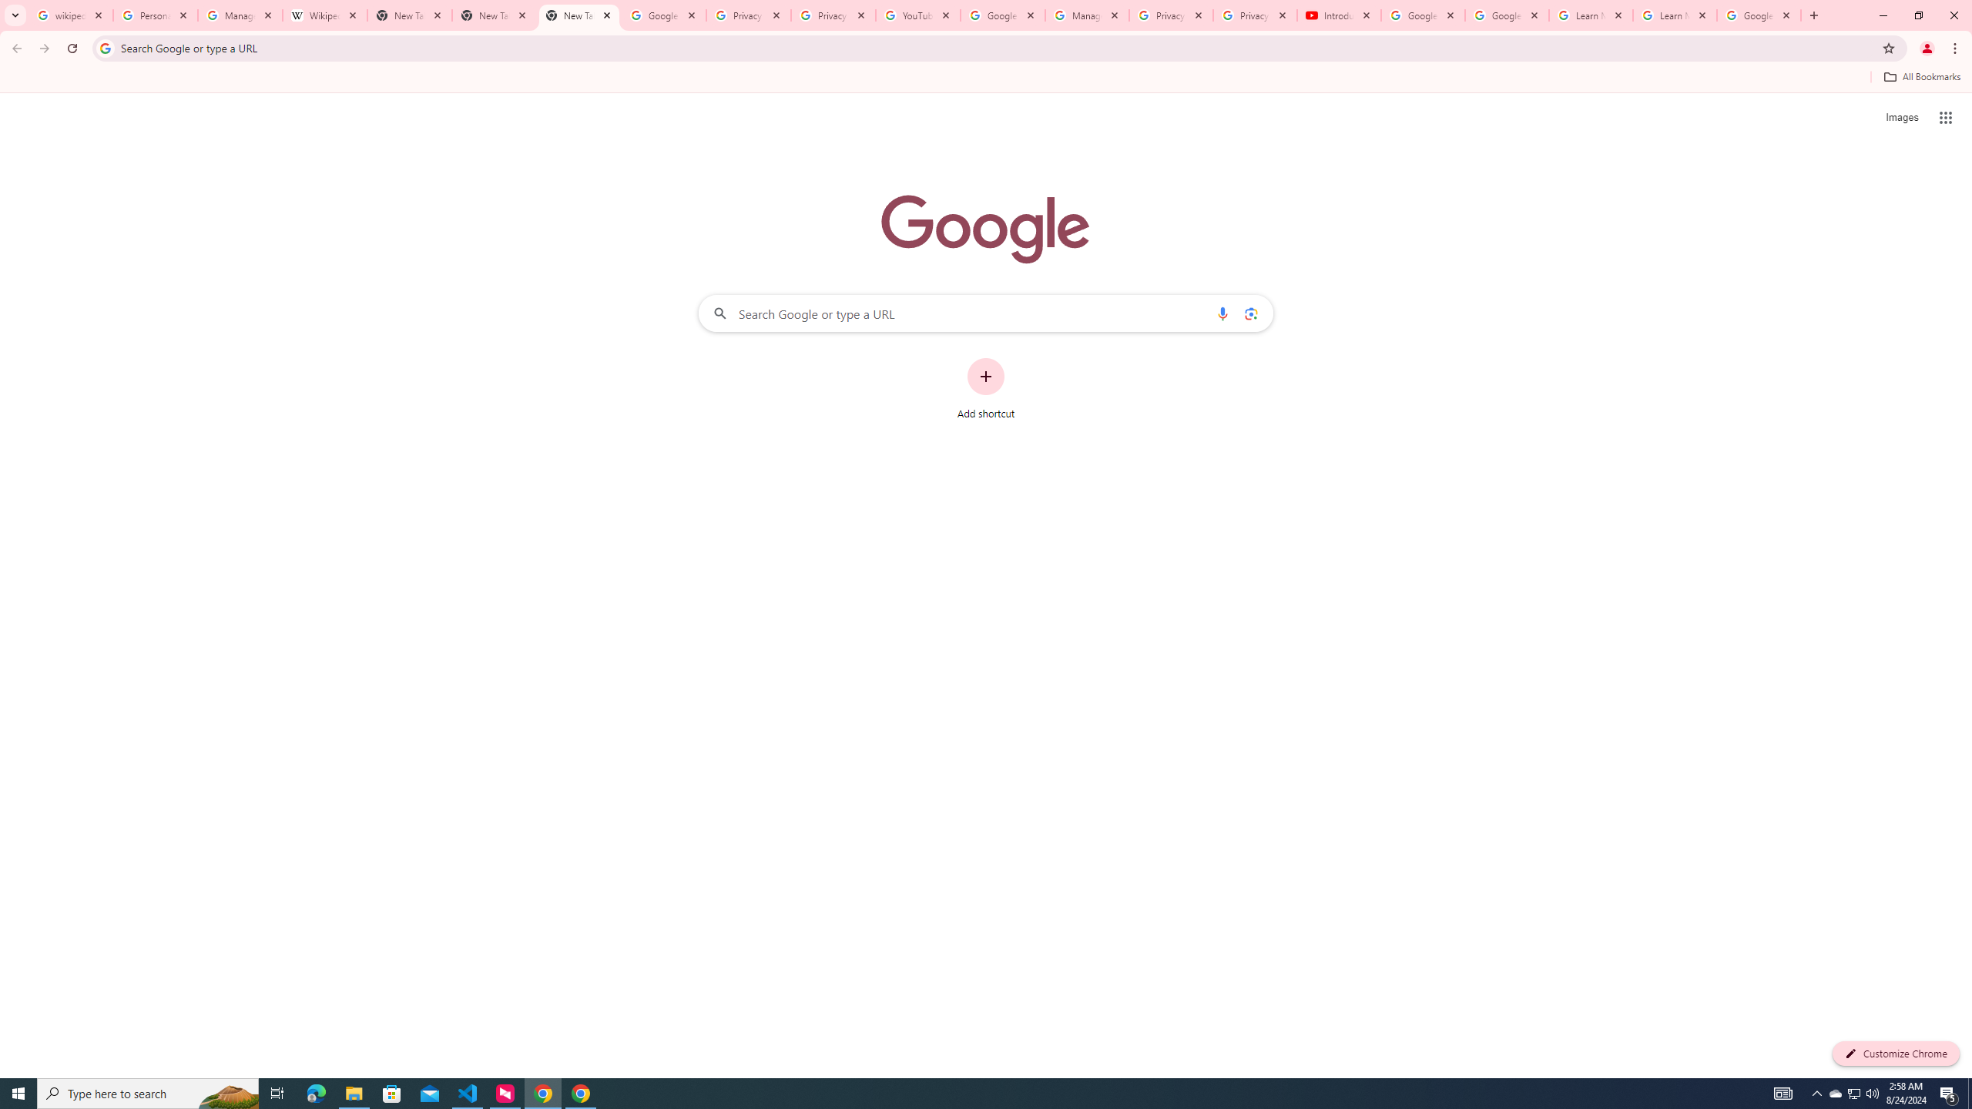  Describe the element at coordinates (1902, 118) in the screenshot. I see `'Search for Images '` at that location.